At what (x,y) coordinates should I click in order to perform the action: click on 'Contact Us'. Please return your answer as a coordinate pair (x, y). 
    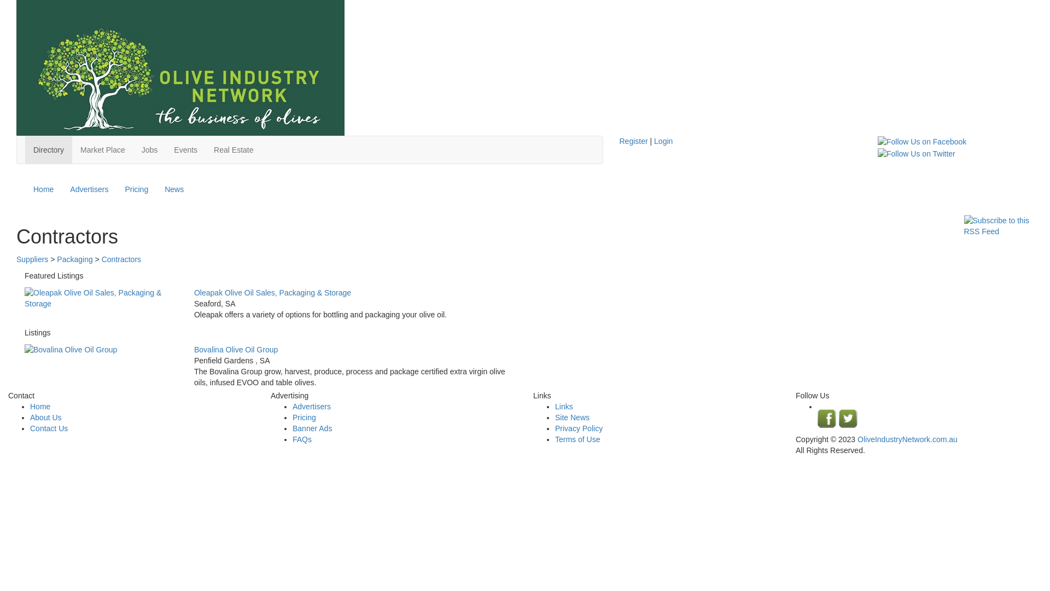
    Looking at the image, I should click on (48, 428).